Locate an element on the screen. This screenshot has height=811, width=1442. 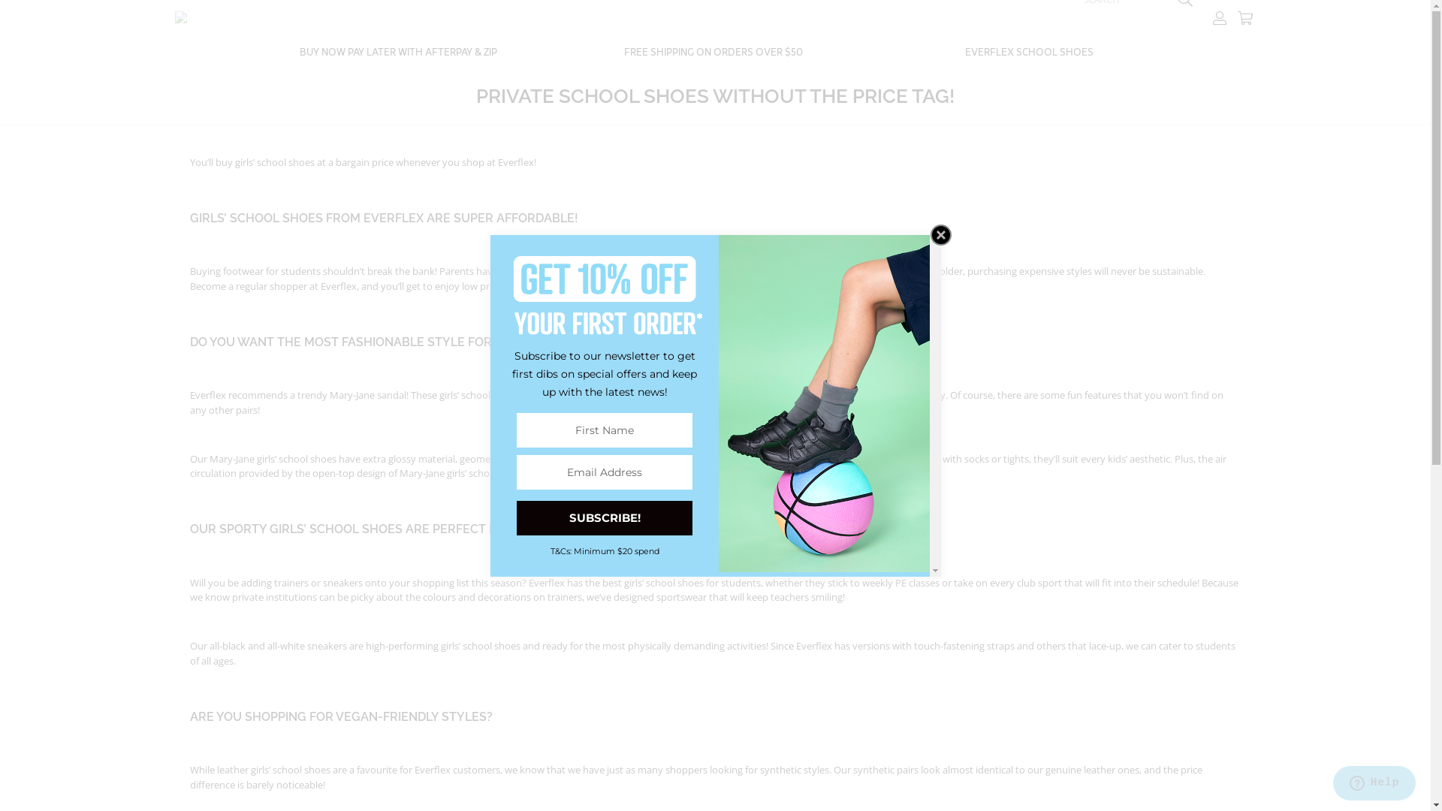
'EVERFLEX SCHOOL SHOES' is located at coordinates (1028, 51).